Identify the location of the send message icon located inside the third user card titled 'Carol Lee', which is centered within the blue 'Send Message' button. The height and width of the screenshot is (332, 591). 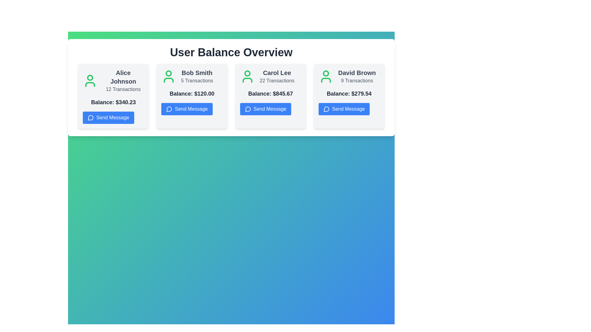
(248, 109).